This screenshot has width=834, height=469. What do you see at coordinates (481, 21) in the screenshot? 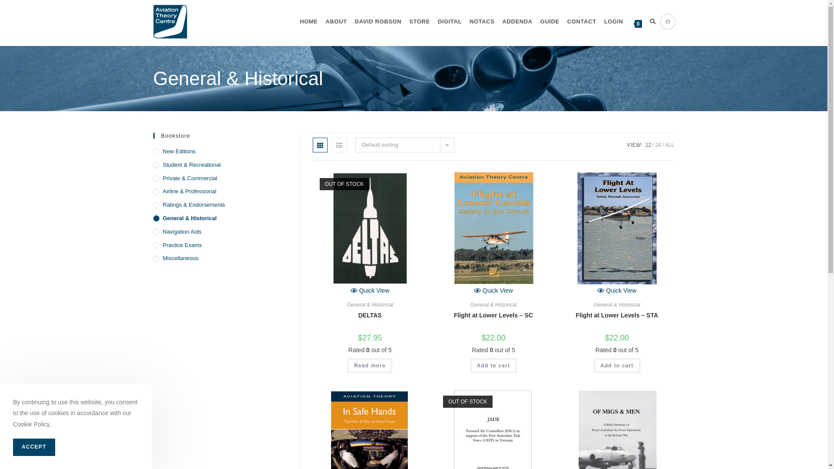
I see `'NOTACS'` at bounding box center [481, 21].